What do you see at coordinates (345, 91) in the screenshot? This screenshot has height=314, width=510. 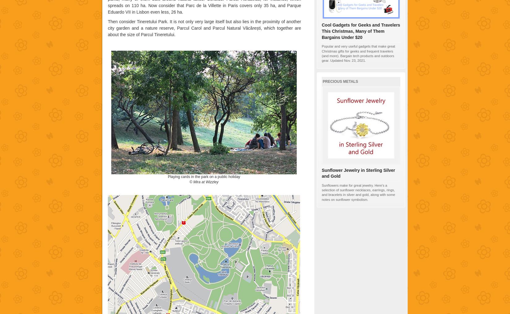 I see `'15'` at bounding box center [345, 91].